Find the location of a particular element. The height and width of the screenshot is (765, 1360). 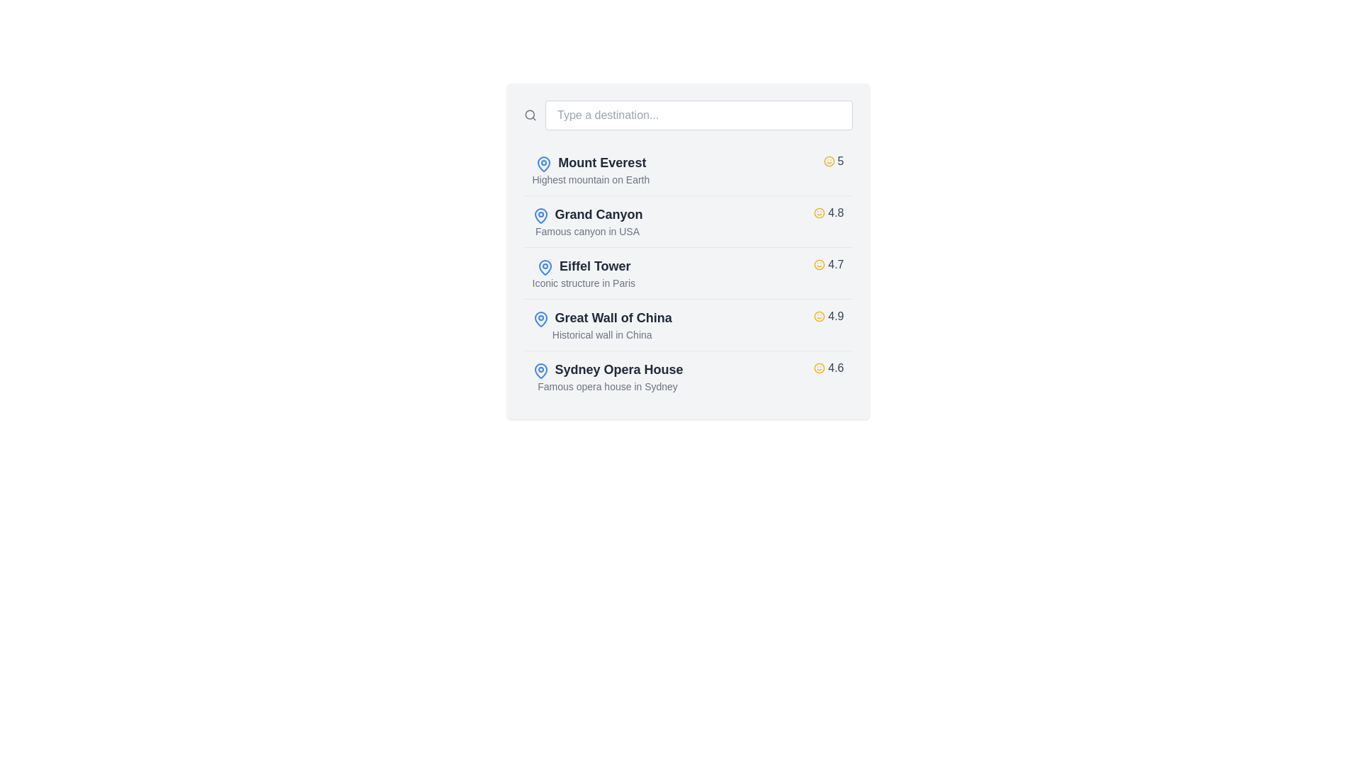

the second entry in the list, which is a blue map pin icon followed by bold text 'Grand Canyon' and smaller gray text 'Famous canyon in USA' is located at coordinates (587, 221).